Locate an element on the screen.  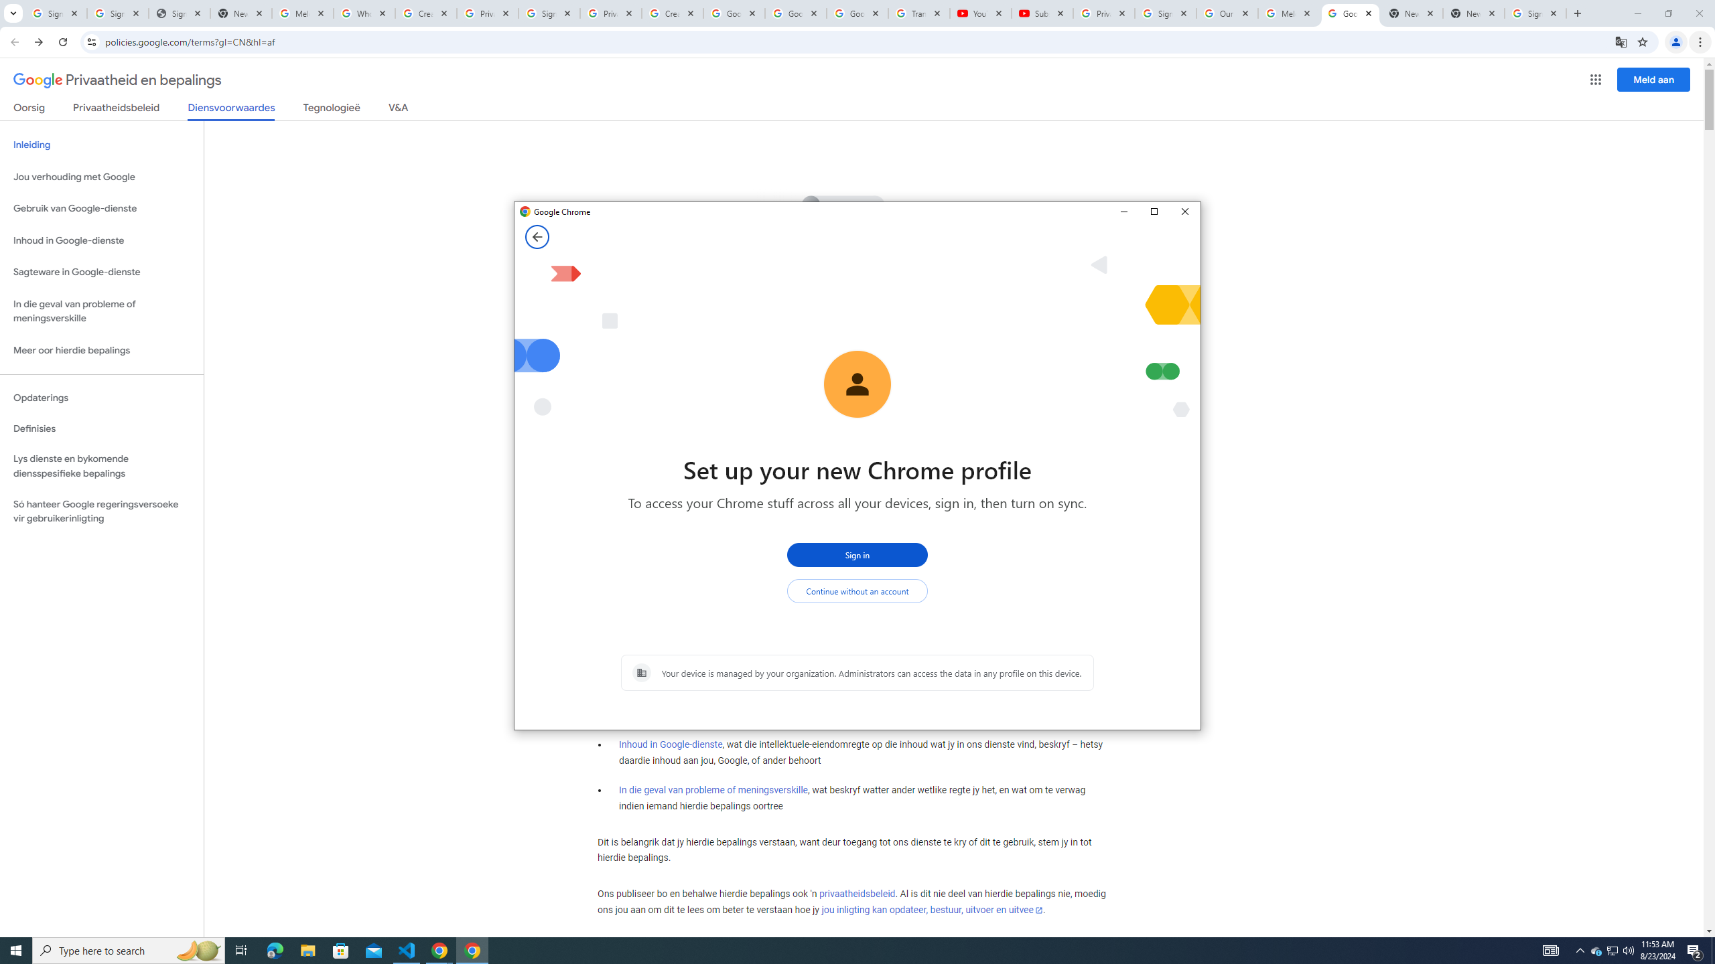
'User Promoted Notification Area' is located at coordinates (1611, 949).